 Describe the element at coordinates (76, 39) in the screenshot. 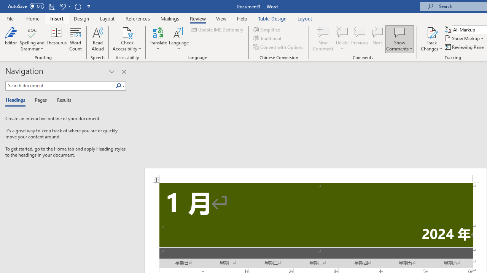

I see `'Word Count'` at that location.